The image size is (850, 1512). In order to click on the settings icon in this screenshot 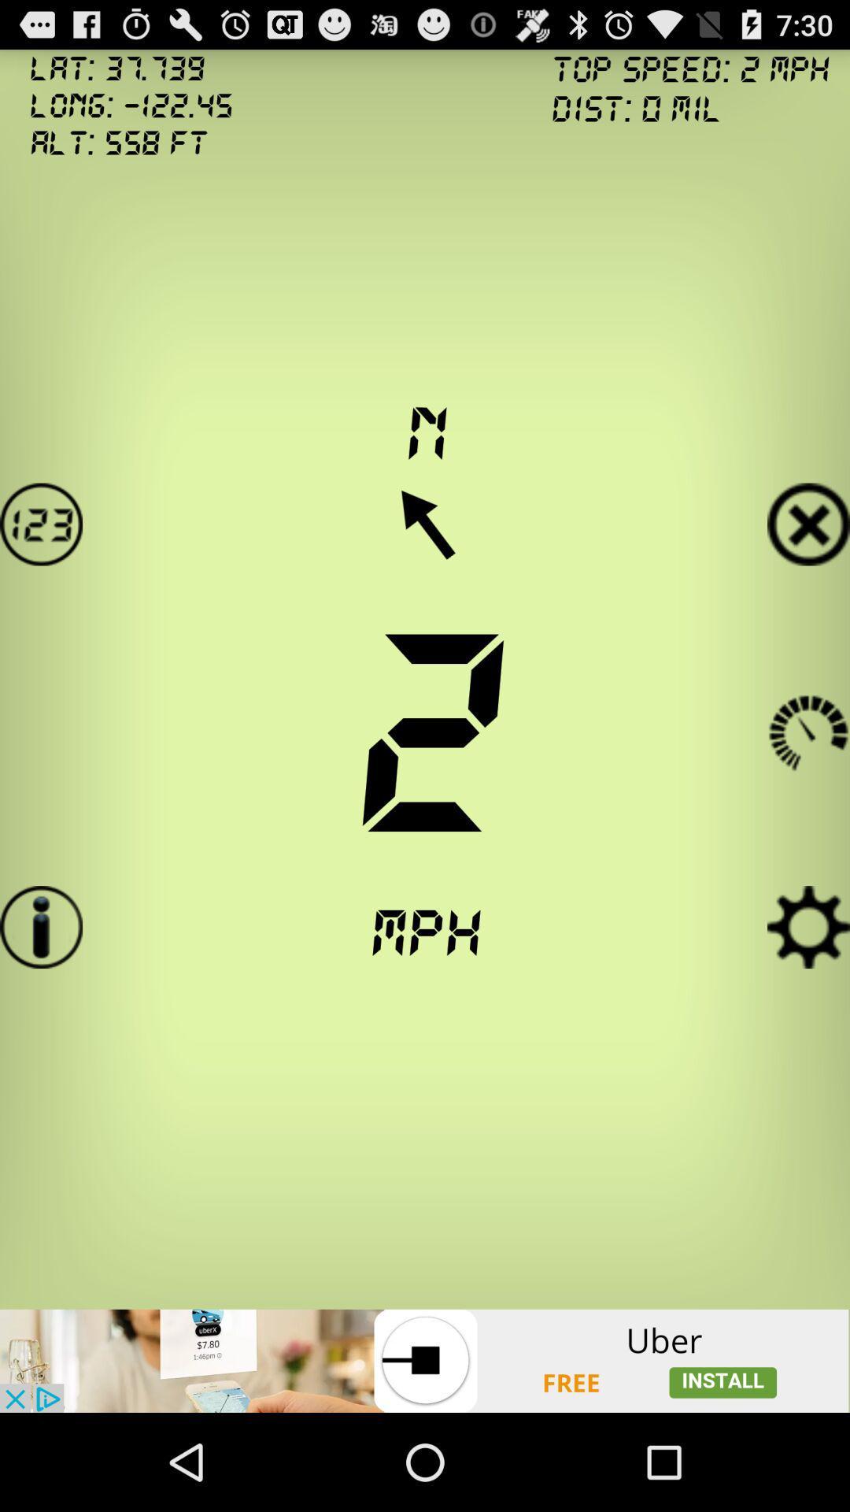, I will do `click(808, 991)`.